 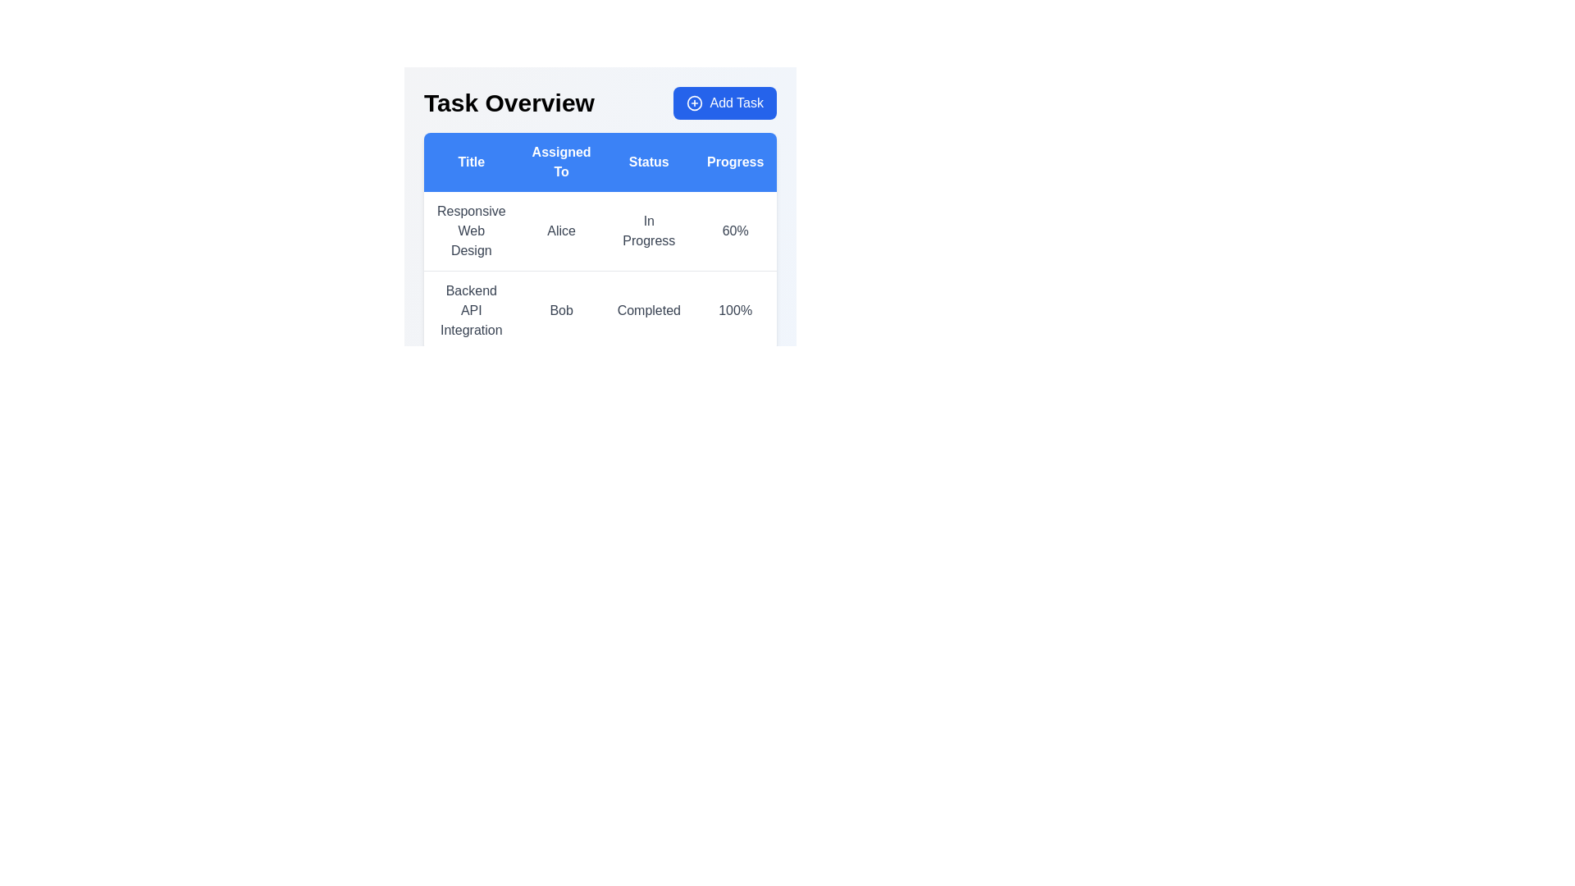 What do you see at coordinates (561, 162) in the screenshot?
I see `the 'Assigned To' header label in the table, which is located in the second column of the header row, between the 'Title' and 'Status' headers` at bounding box center [561, 162].